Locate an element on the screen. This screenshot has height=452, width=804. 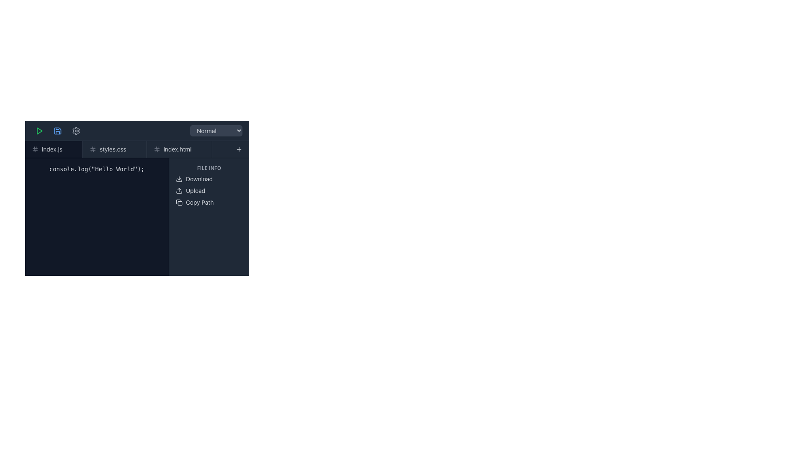
the gear-shaped icon in the header bar is located at coordinates (76, 131).